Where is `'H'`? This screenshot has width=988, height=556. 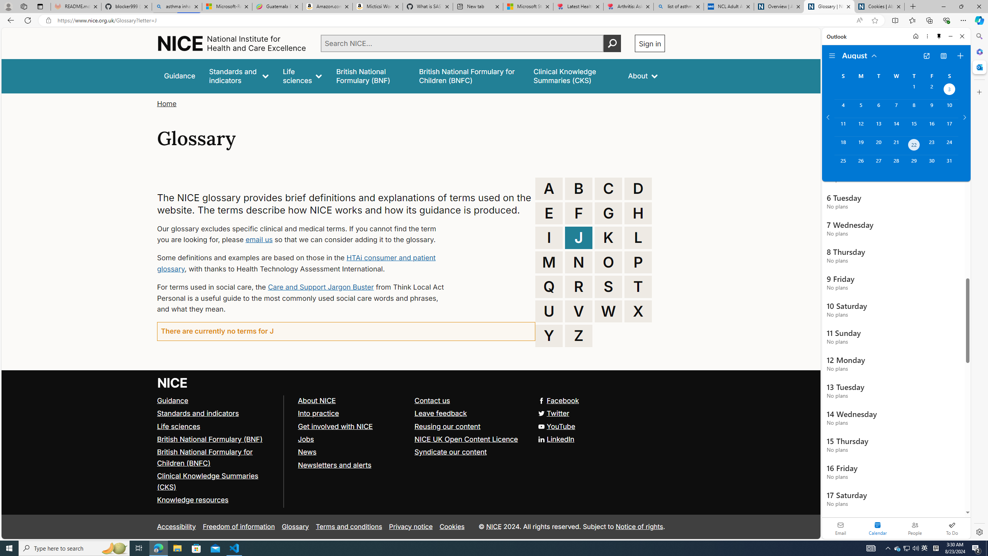
'H' is located at coordinates (638, 213).